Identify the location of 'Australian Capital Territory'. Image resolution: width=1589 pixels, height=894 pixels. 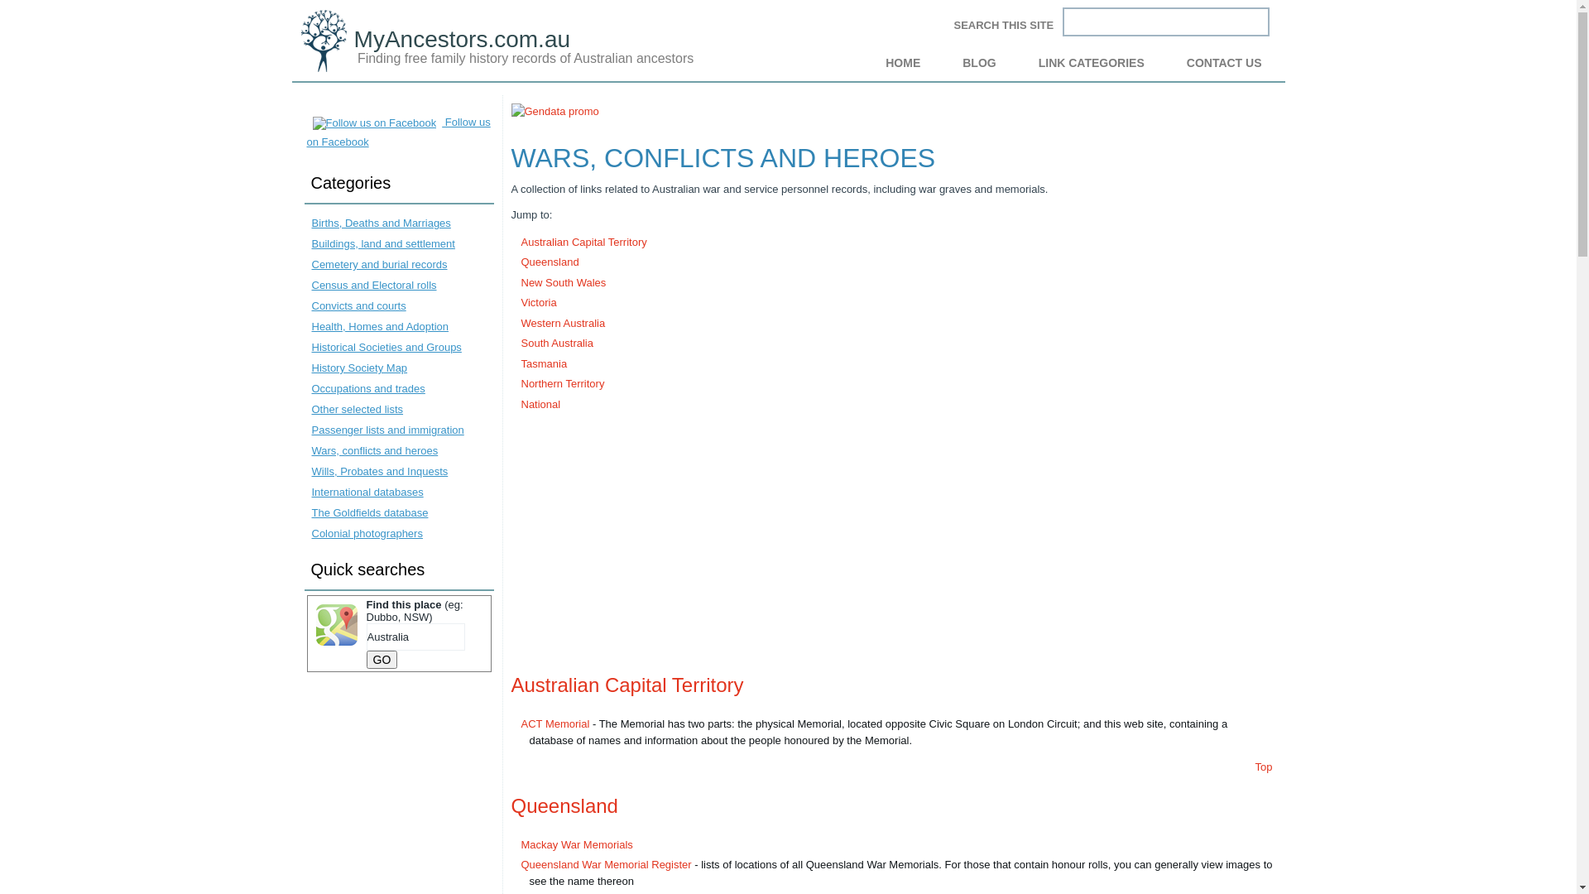
(511, 685).